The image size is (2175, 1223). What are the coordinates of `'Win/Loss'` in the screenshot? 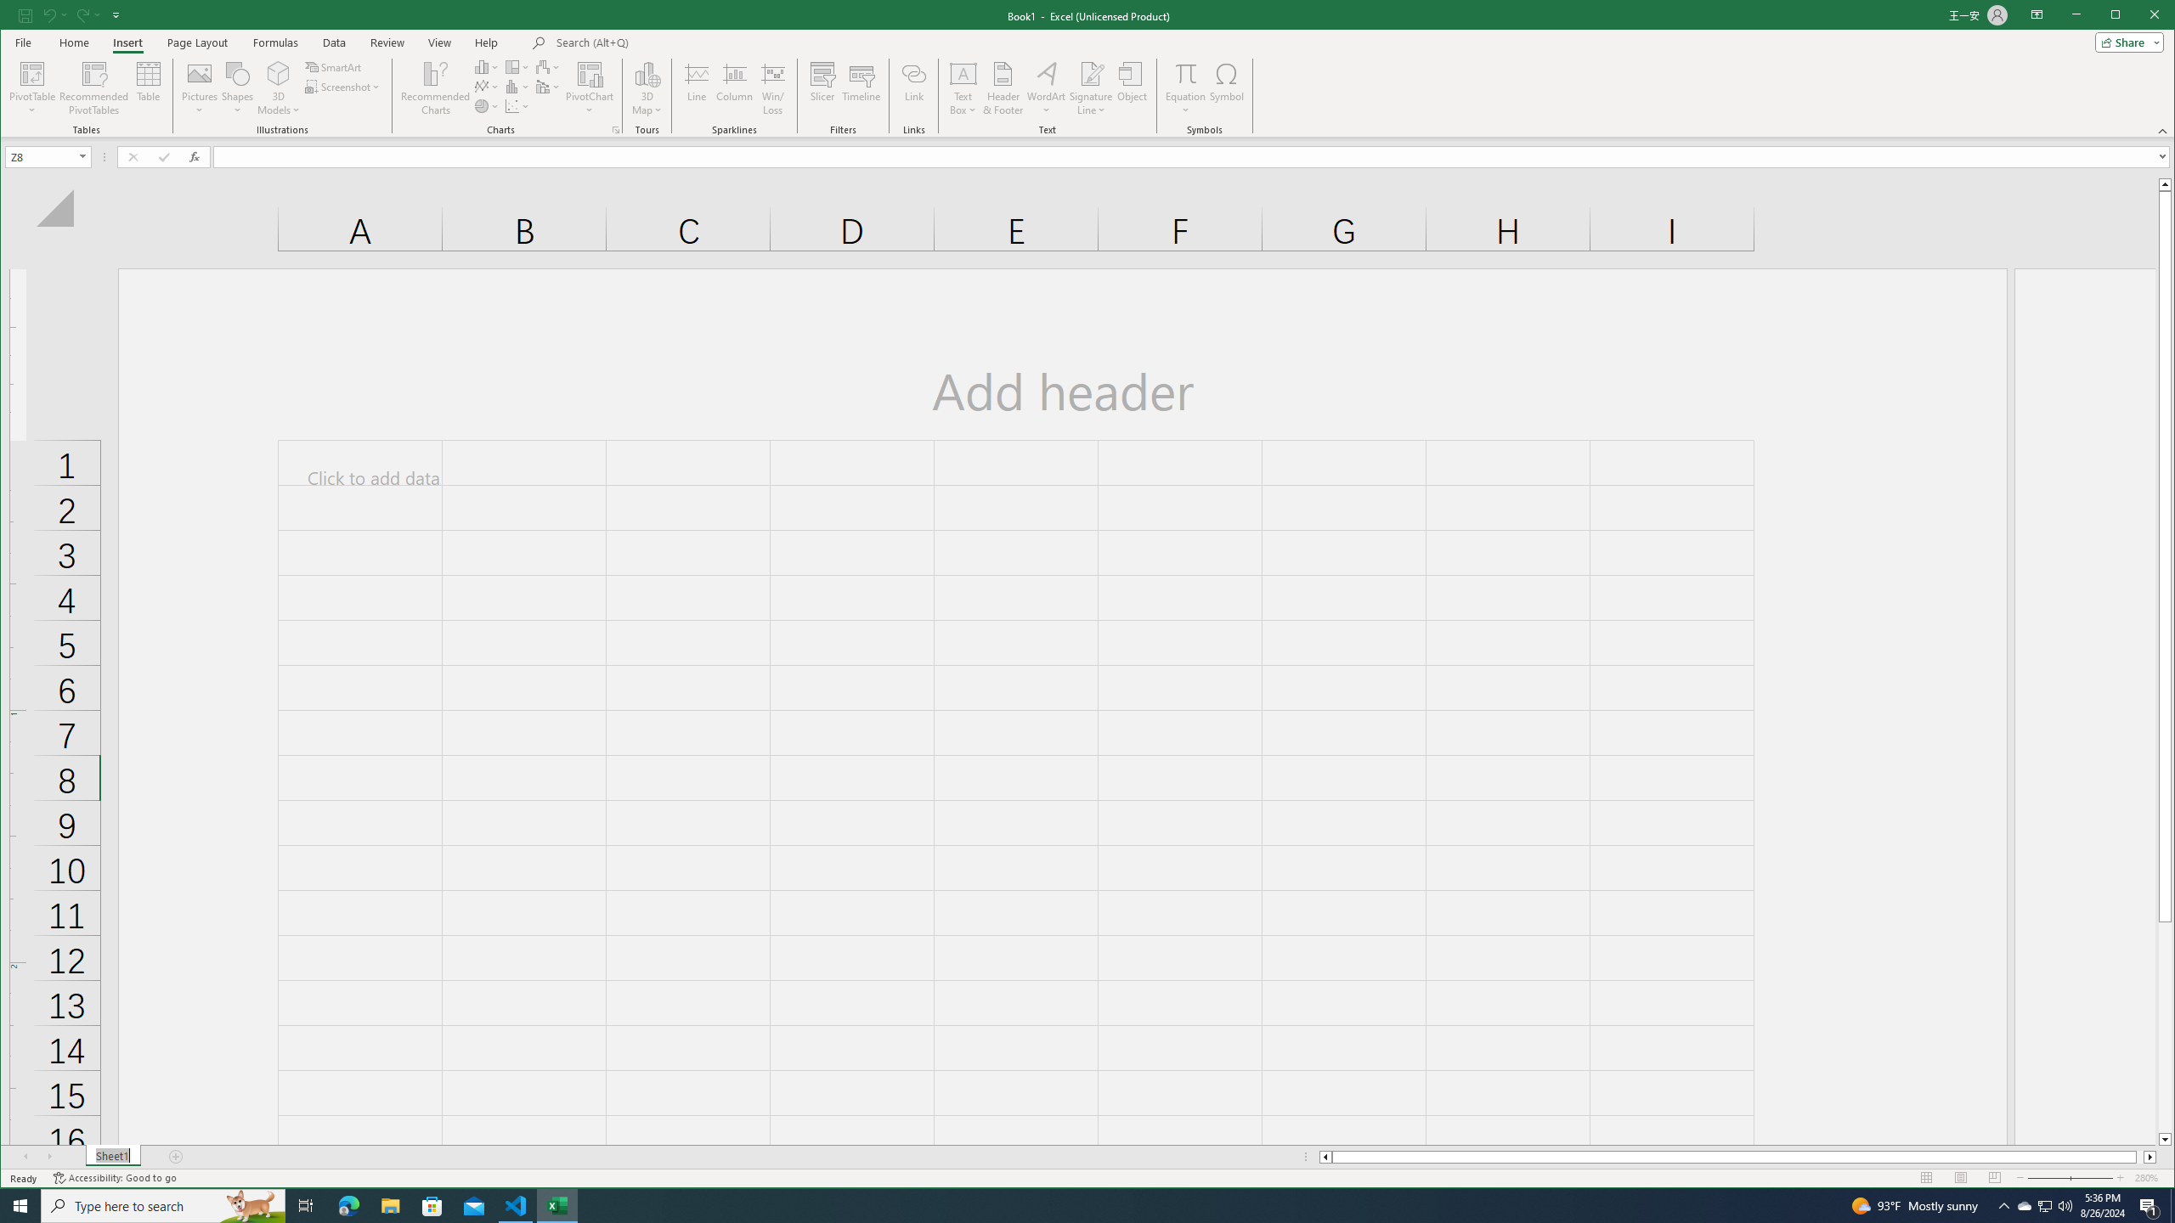 It's located at (772, 87).